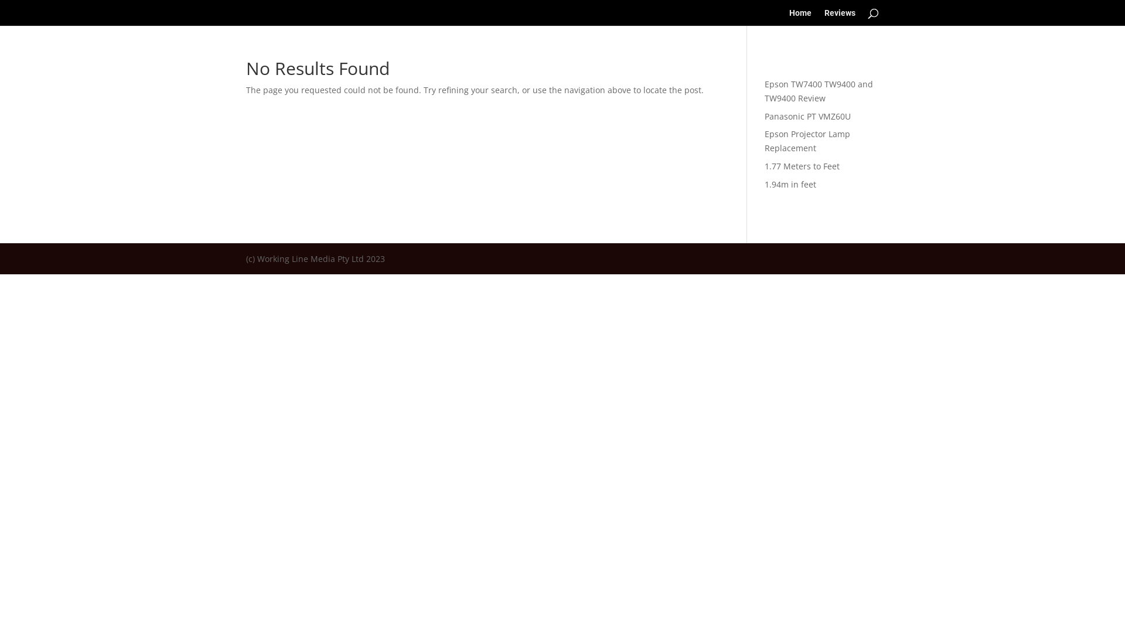 The width and height of the screenshot is (1125, 633). I want to click on '1.77 Meters to Feet', so click(801, 166).